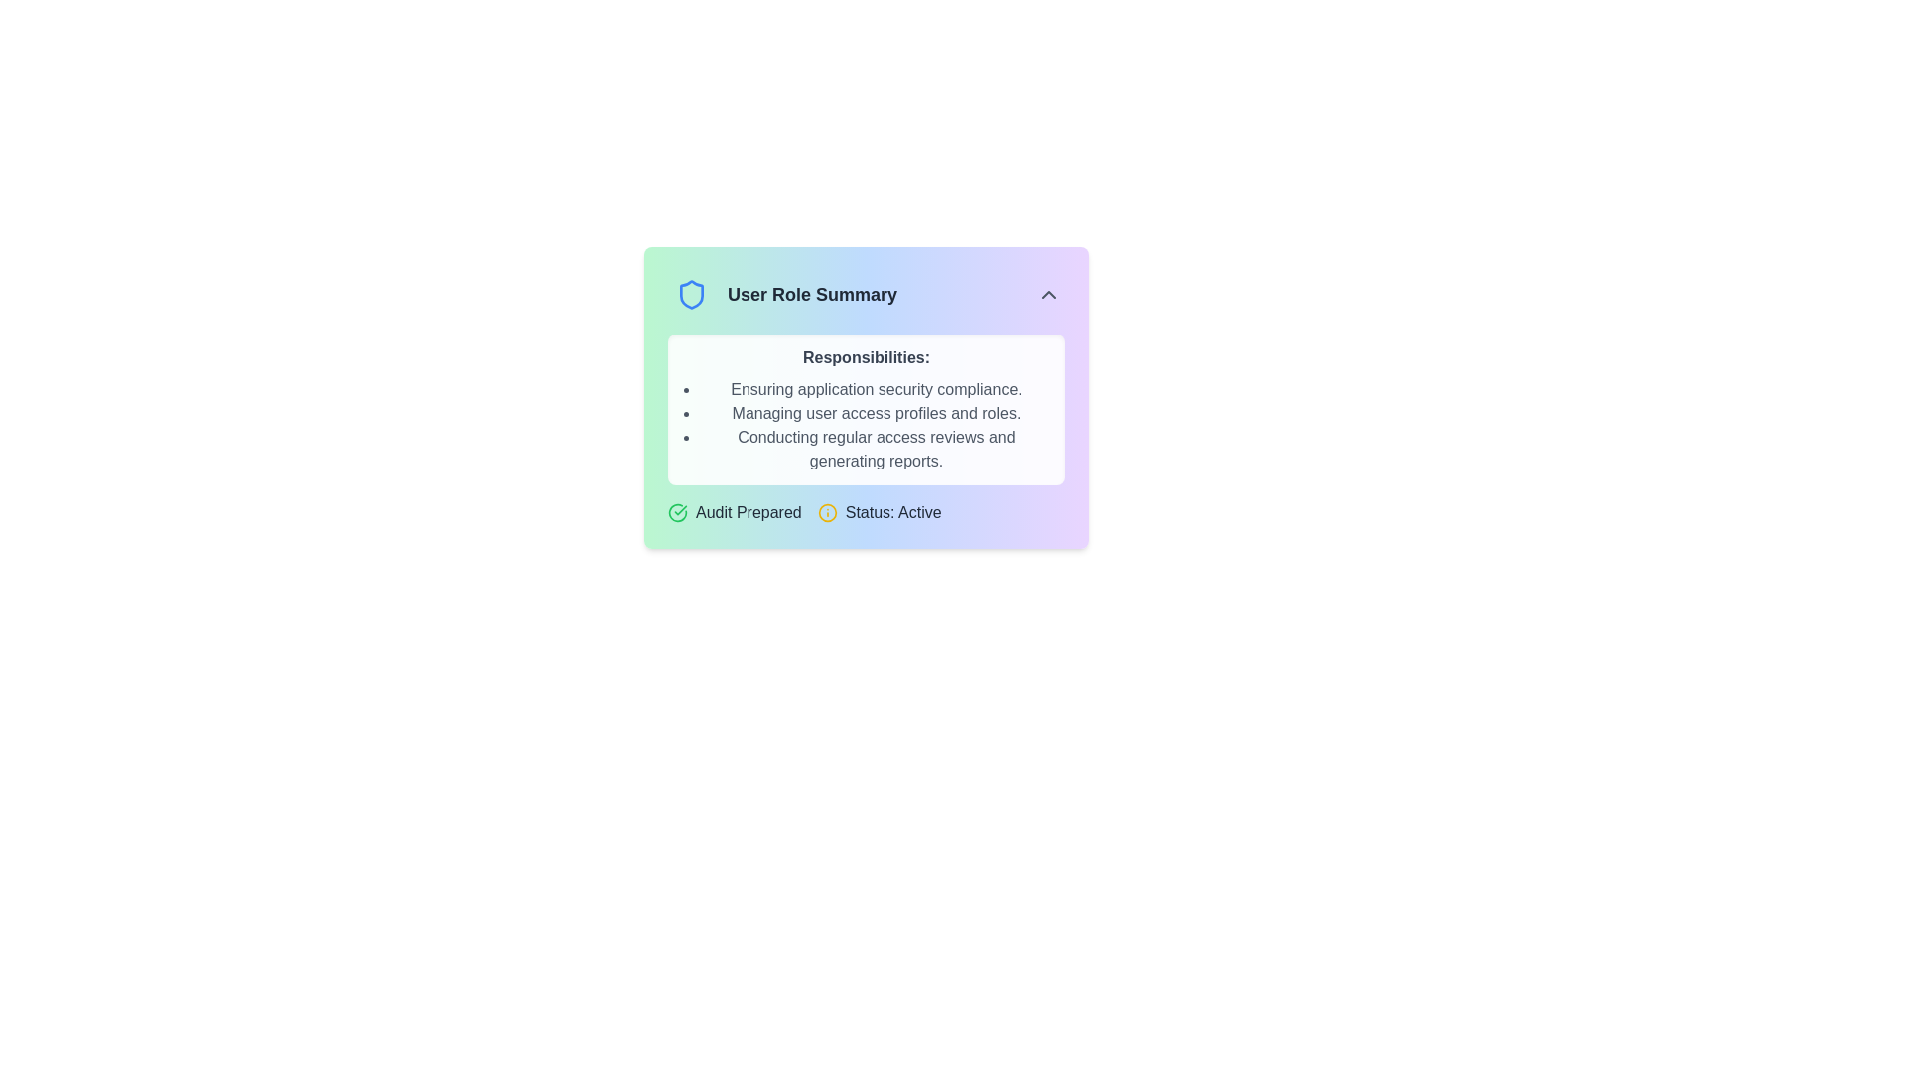  Describe the element at coordinates (876, 390) in the screenshot. I see `the first item in the bullet-pointed list under the 'Responsibilities:' section which informs users about 'Ensuring application security compliance.'` at that location.